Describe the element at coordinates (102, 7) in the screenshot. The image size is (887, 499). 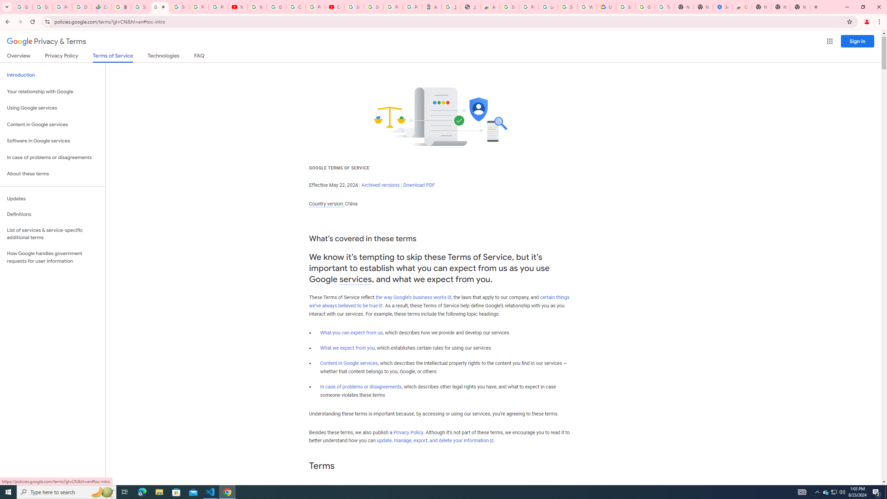
I see `'Currencies - Google Finance'` at that location.